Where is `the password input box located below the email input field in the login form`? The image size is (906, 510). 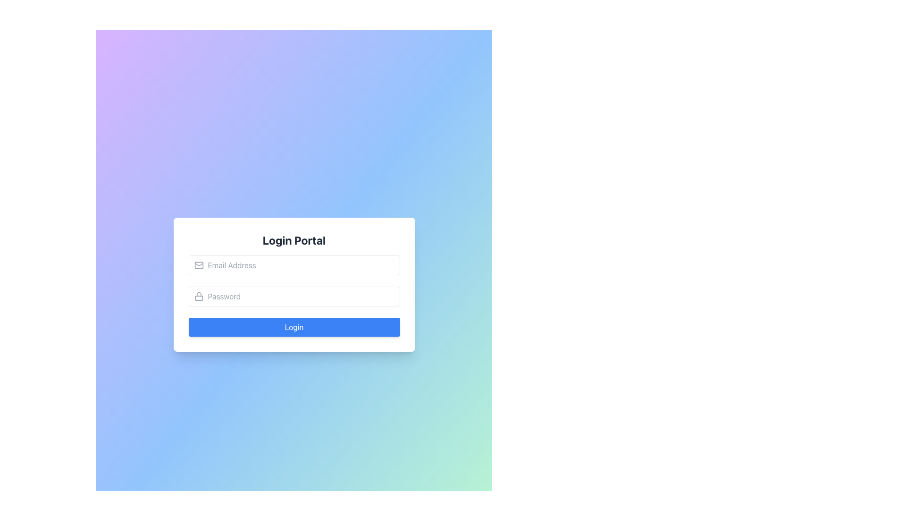 the password input box located below the email input field in the login form is located at coordinates (294, 296).